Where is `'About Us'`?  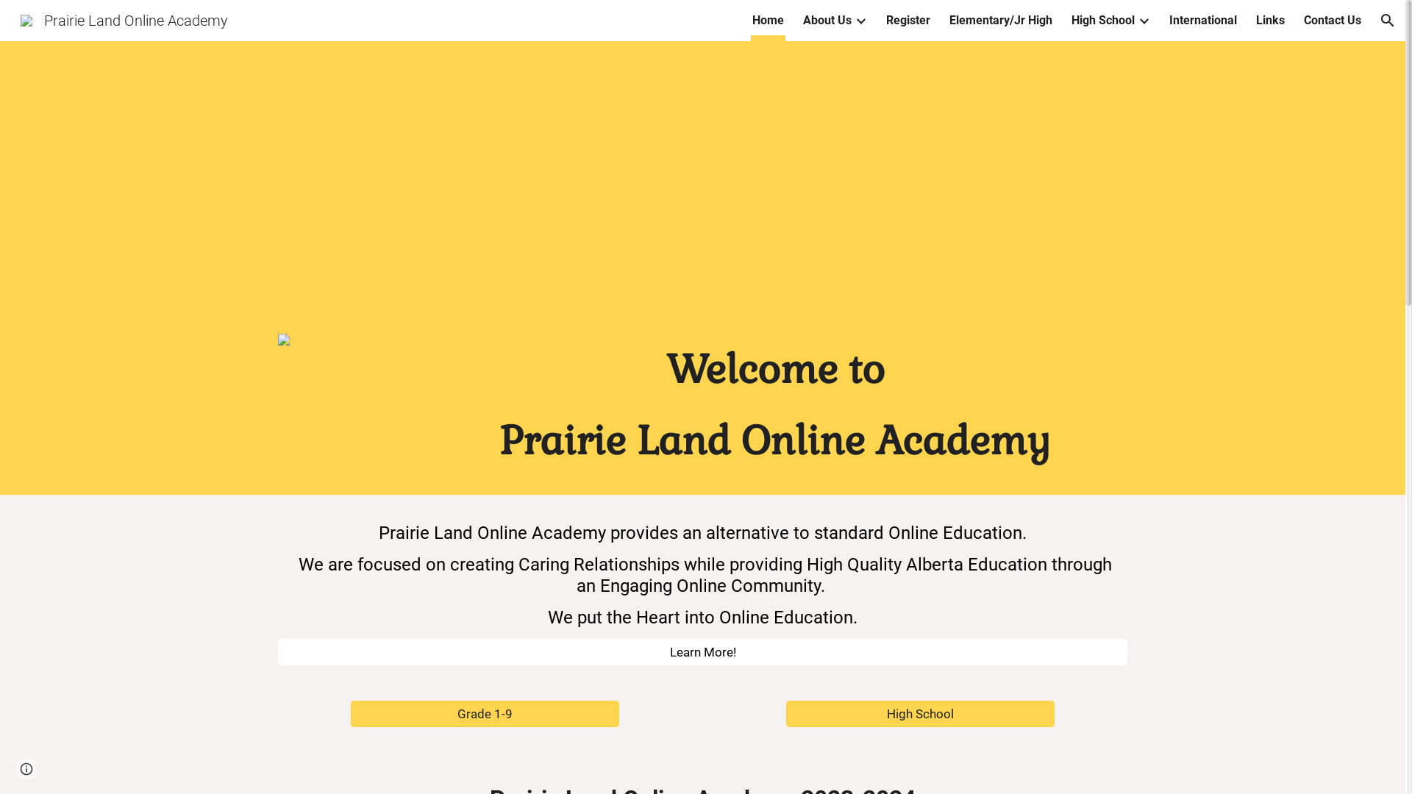 'About Us' is located at coordinates (827, 20).